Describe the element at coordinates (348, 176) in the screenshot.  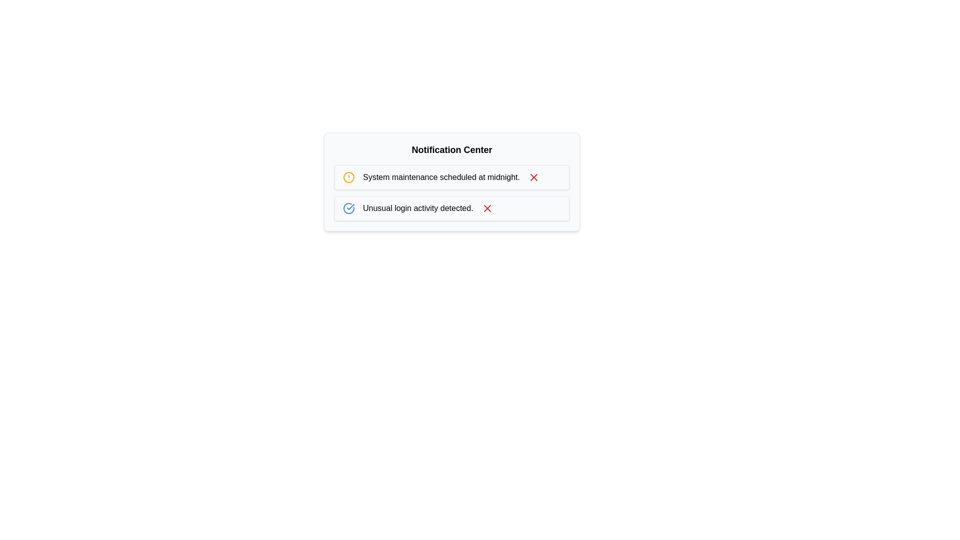
I see `the SVG Circle that serves as a decorative part of the notification icon, positioned as the leftmost element in the first notification entry` at that location.